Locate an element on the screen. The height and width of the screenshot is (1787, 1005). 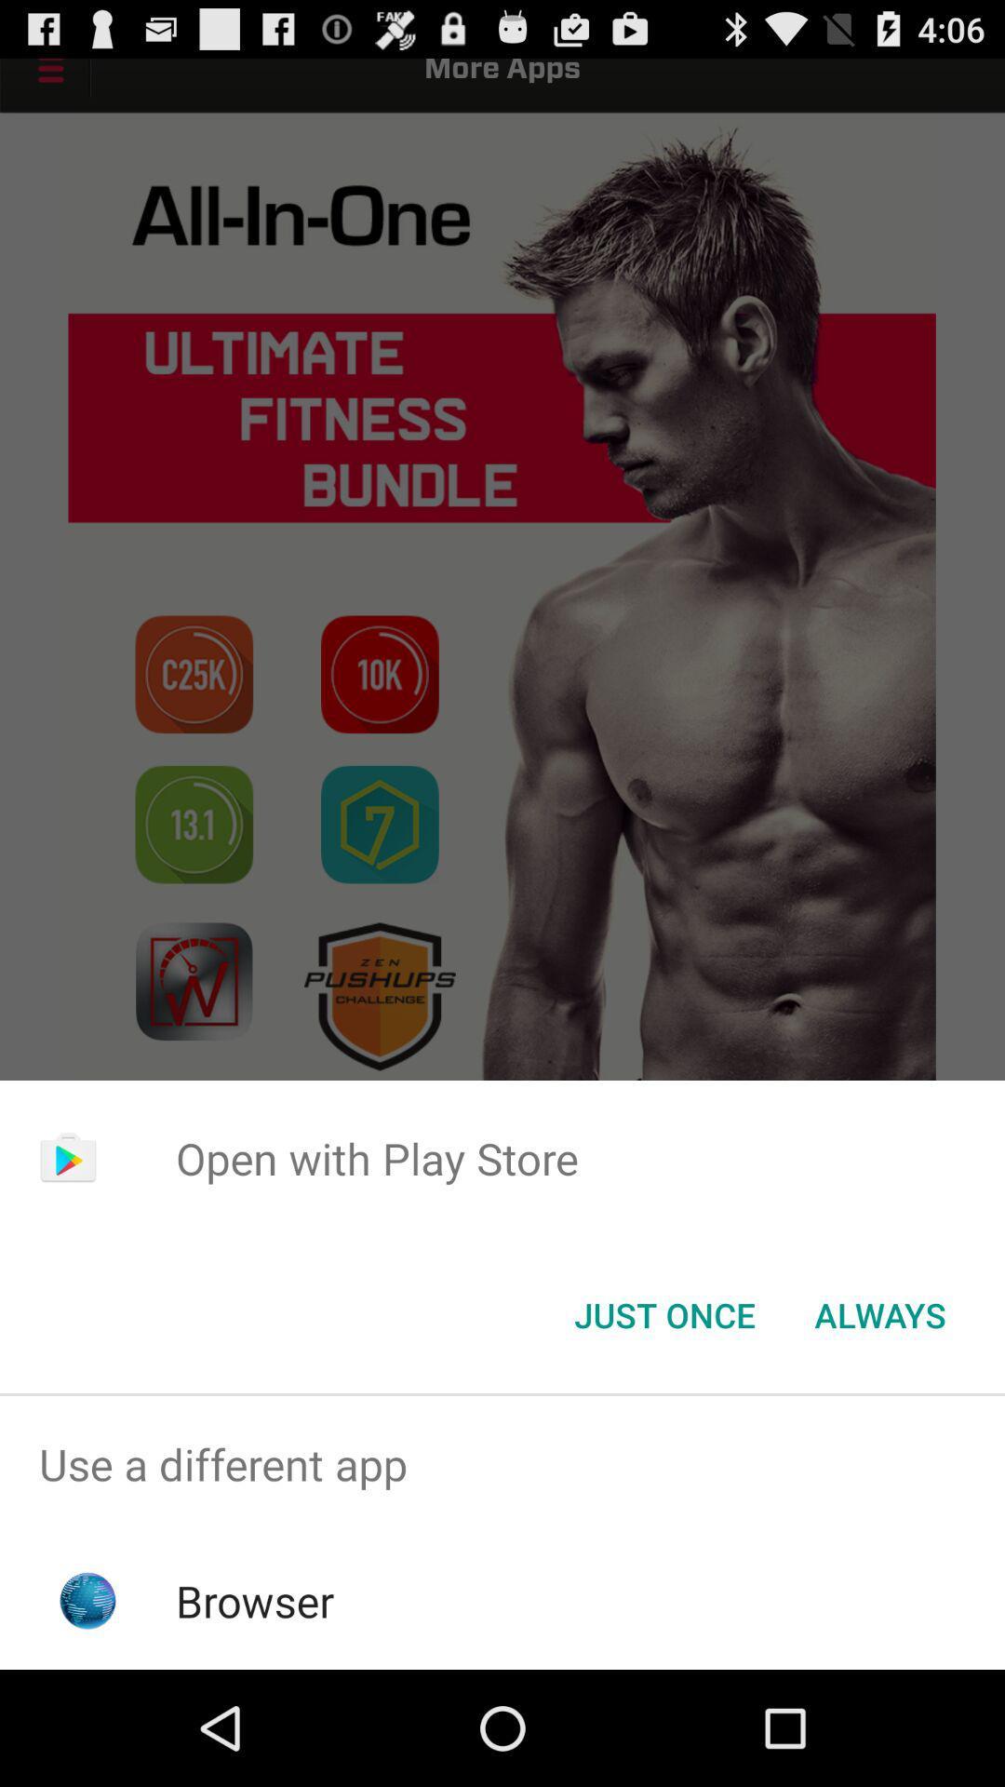
always icon is located at coordinates (879, 1313).